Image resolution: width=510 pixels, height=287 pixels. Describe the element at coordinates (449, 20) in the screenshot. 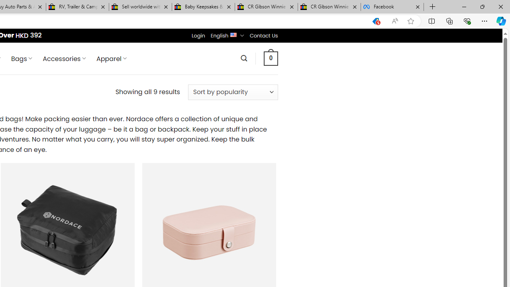

I see `'Collections'` at that location.